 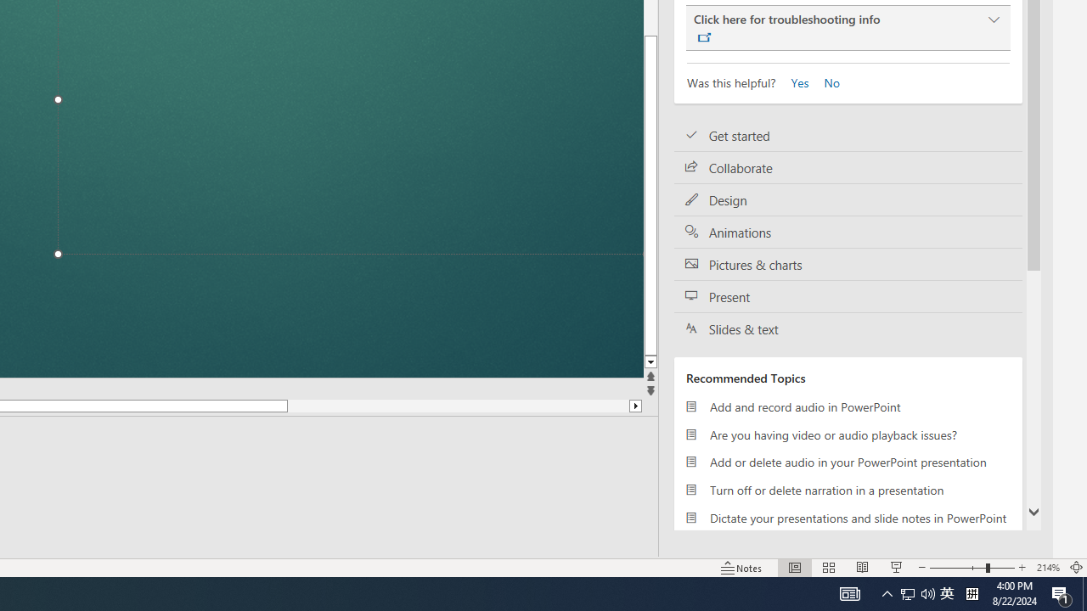 What do you see at coordinates (825, 81) in the screenshot?
I see `'No'` at bounding box center [825, 81].